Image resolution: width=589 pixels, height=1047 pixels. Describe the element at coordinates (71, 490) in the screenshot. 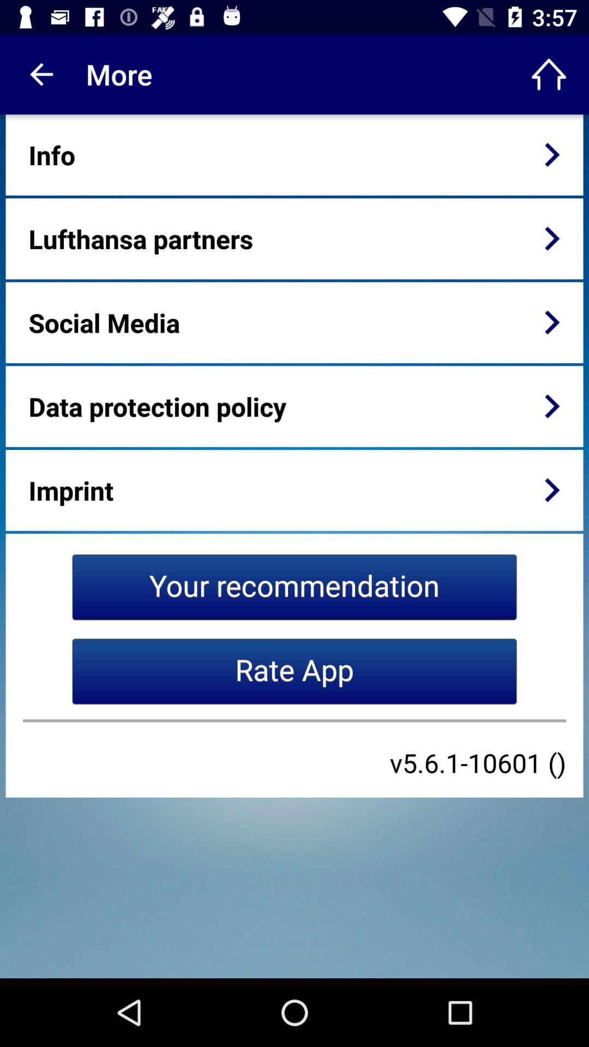

I see `the imprint item` at that location.